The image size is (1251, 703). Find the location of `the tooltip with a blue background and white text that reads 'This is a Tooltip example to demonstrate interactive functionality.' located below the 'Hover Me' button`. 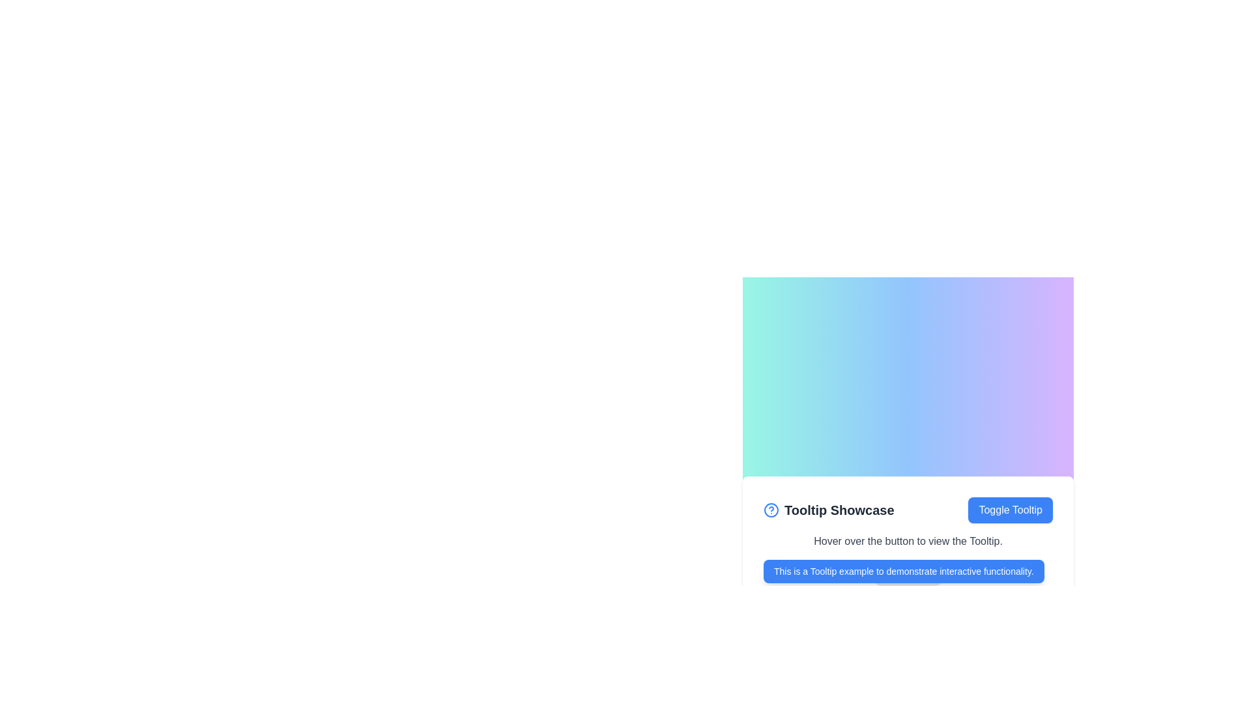

the tooltip with a blue background and white text that reads 'This is a Tooltip example to demonstrate interactive functionality.' located below the 'Hover Me' button is located at coordinates (903, 570).